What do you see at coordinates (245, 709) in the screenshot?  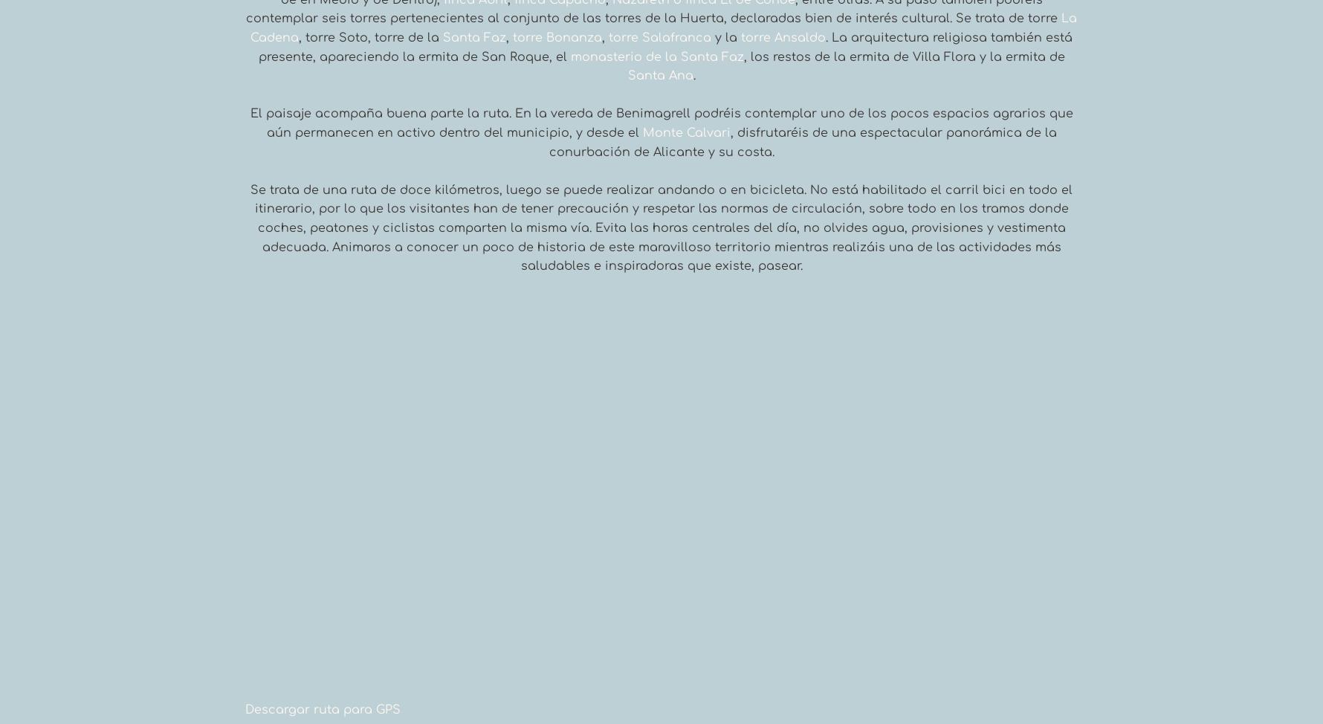 I see `'Descargar ruta para GPS'` at bounding box center [245, 709].